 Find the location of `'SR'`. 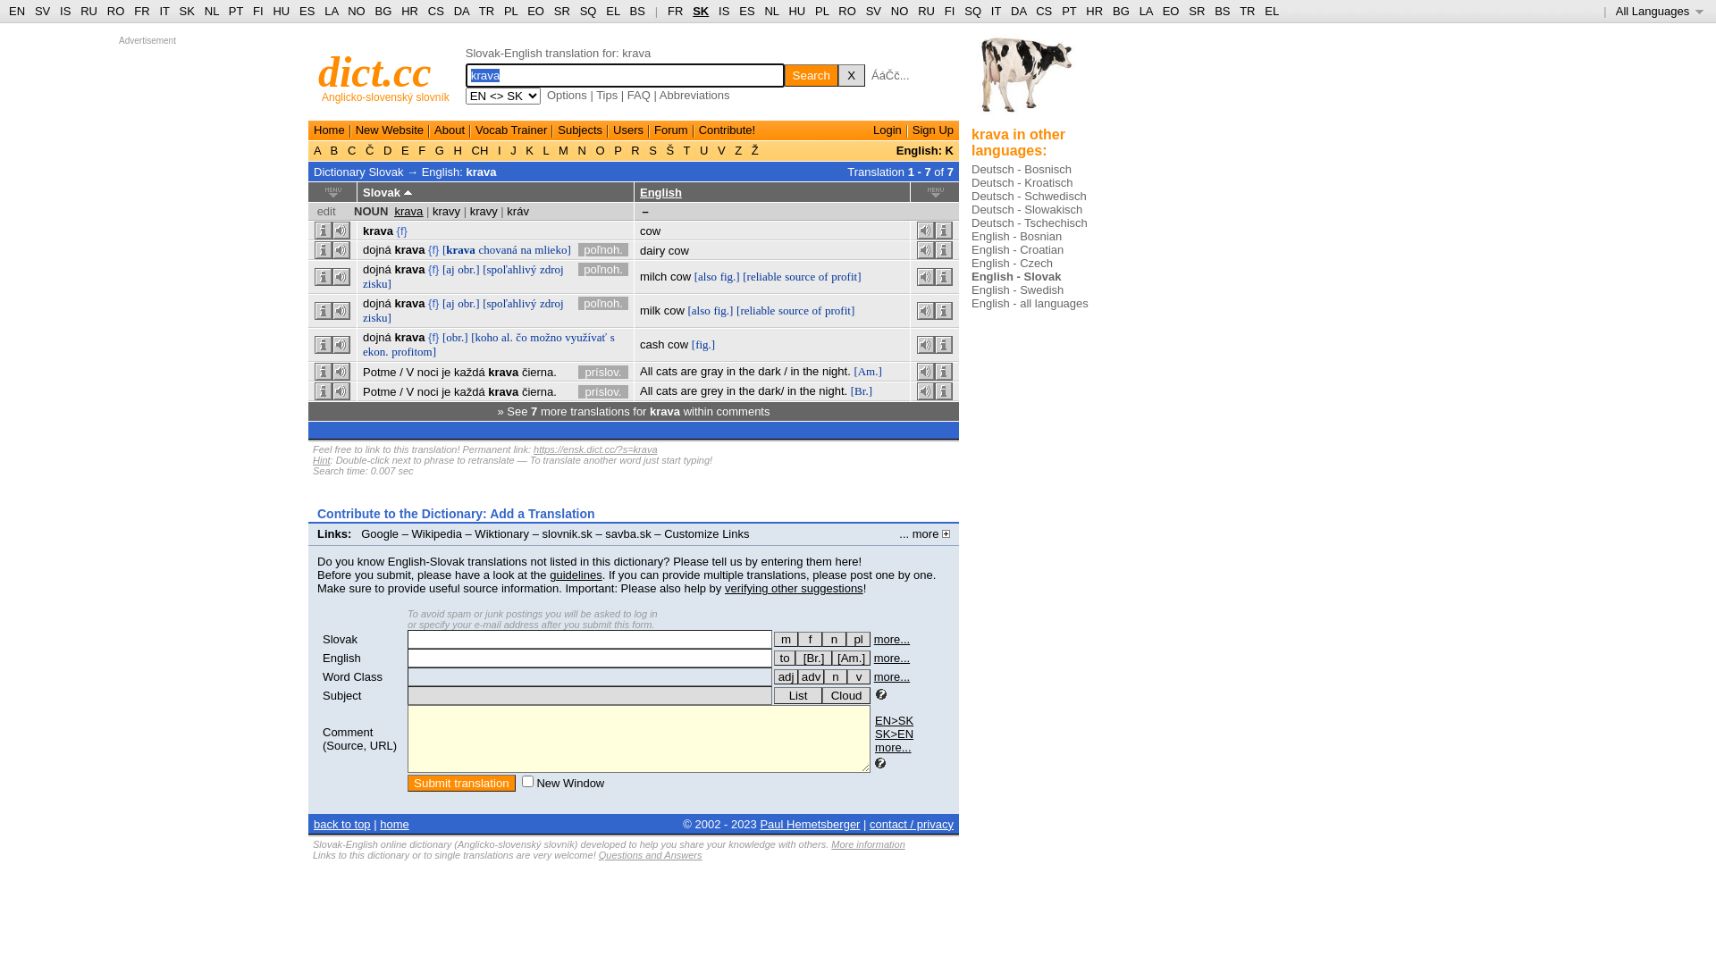

'SR' is located at coordinates (560, 11).